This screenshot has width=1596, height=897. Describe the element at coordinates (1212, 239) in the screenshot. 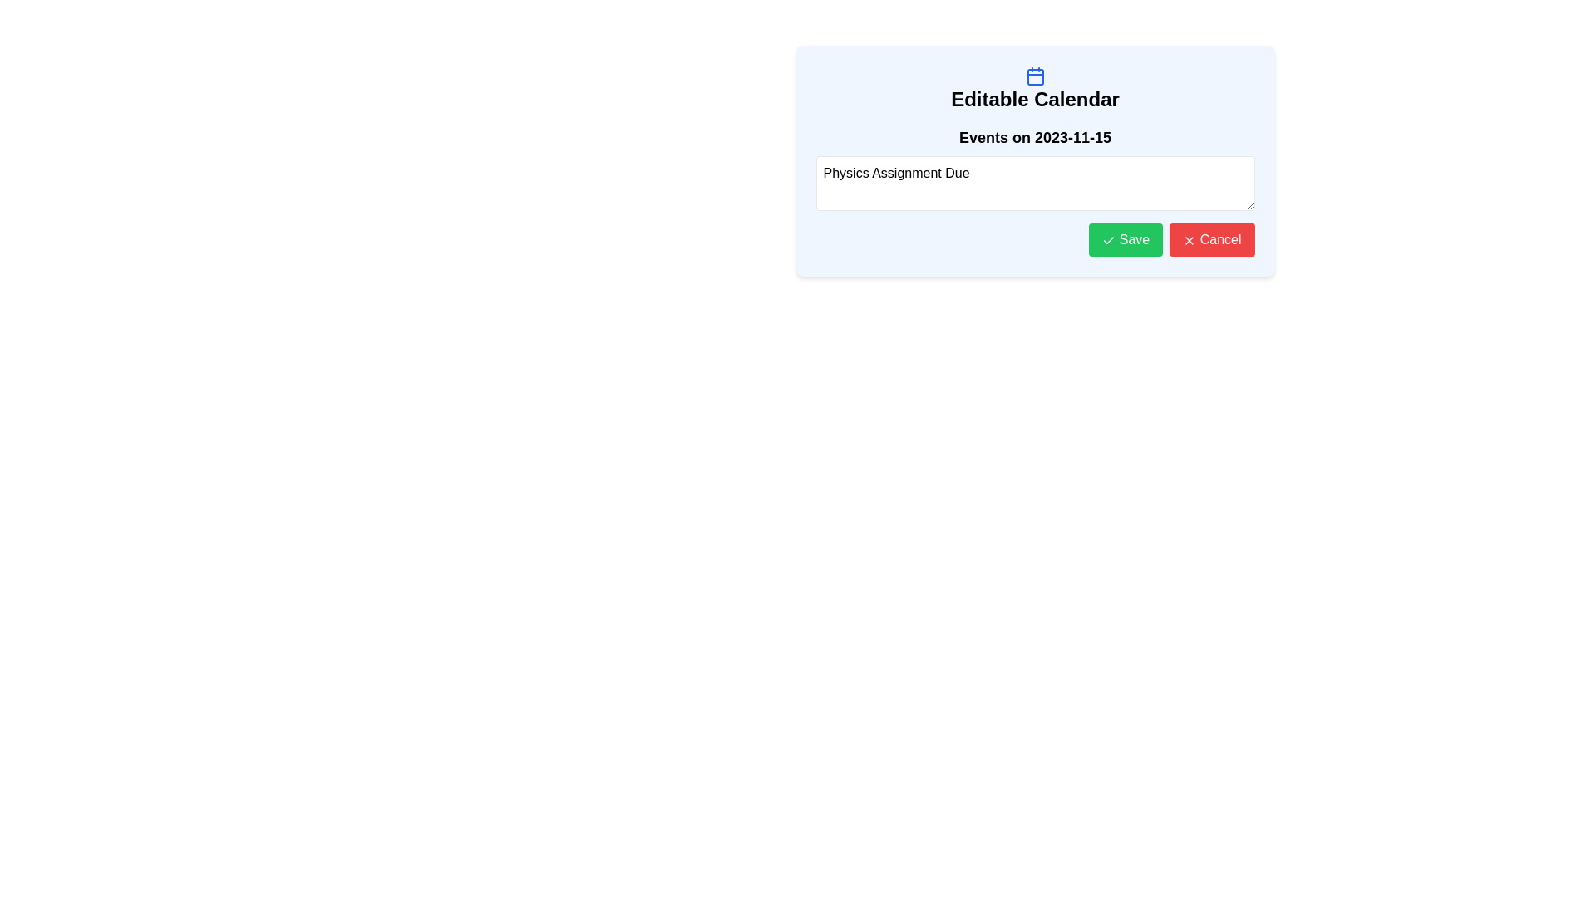

I see `the red 'Cancel' button with a white cross icon and text, located in the bottom right corner of the dialog box` at that location.